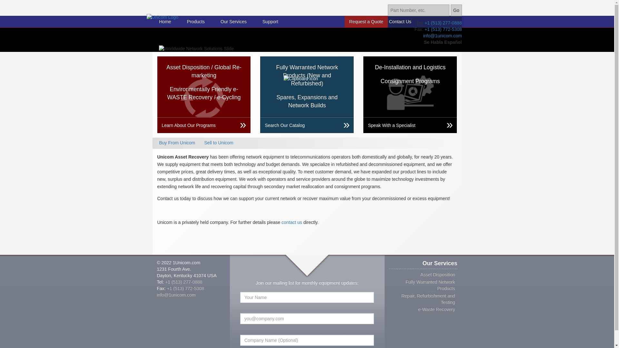 Image resolution: width=619 pixels, height=348 pixels. What do you see at coordinates (260, 125) in the screenshot?
I see `'Search Our Catalog'` at bounding box center [260, 125].